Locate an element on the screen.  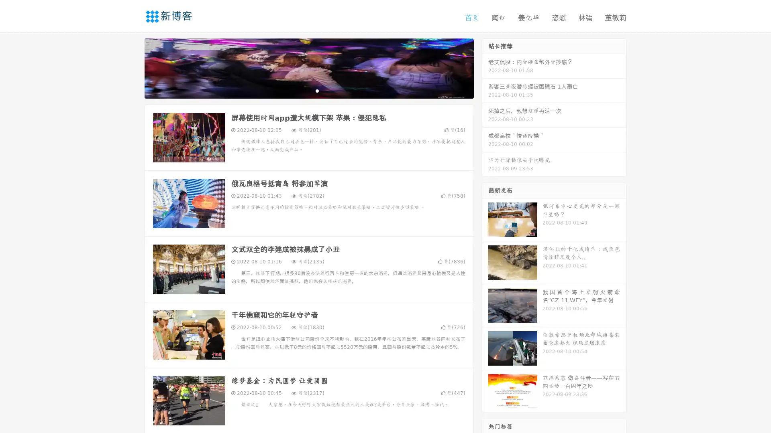
Go to slide 2 is located at coordinates (308, 90).